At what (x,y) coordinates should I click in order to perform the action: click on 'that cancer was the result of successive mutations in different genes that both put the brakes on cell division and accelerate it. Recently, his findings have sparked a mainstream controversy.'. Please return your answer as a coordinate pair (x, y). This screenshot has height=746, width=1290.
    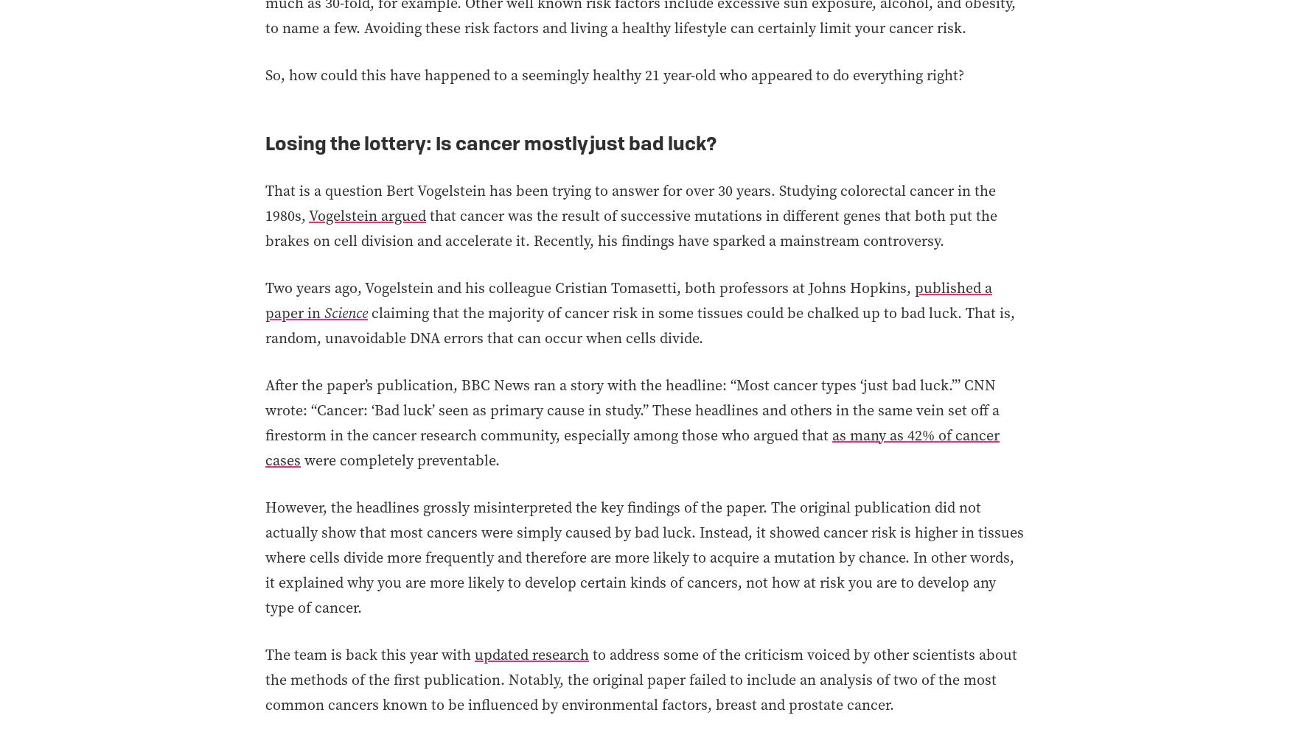
    Looking at the image, I should click on (631, 227).